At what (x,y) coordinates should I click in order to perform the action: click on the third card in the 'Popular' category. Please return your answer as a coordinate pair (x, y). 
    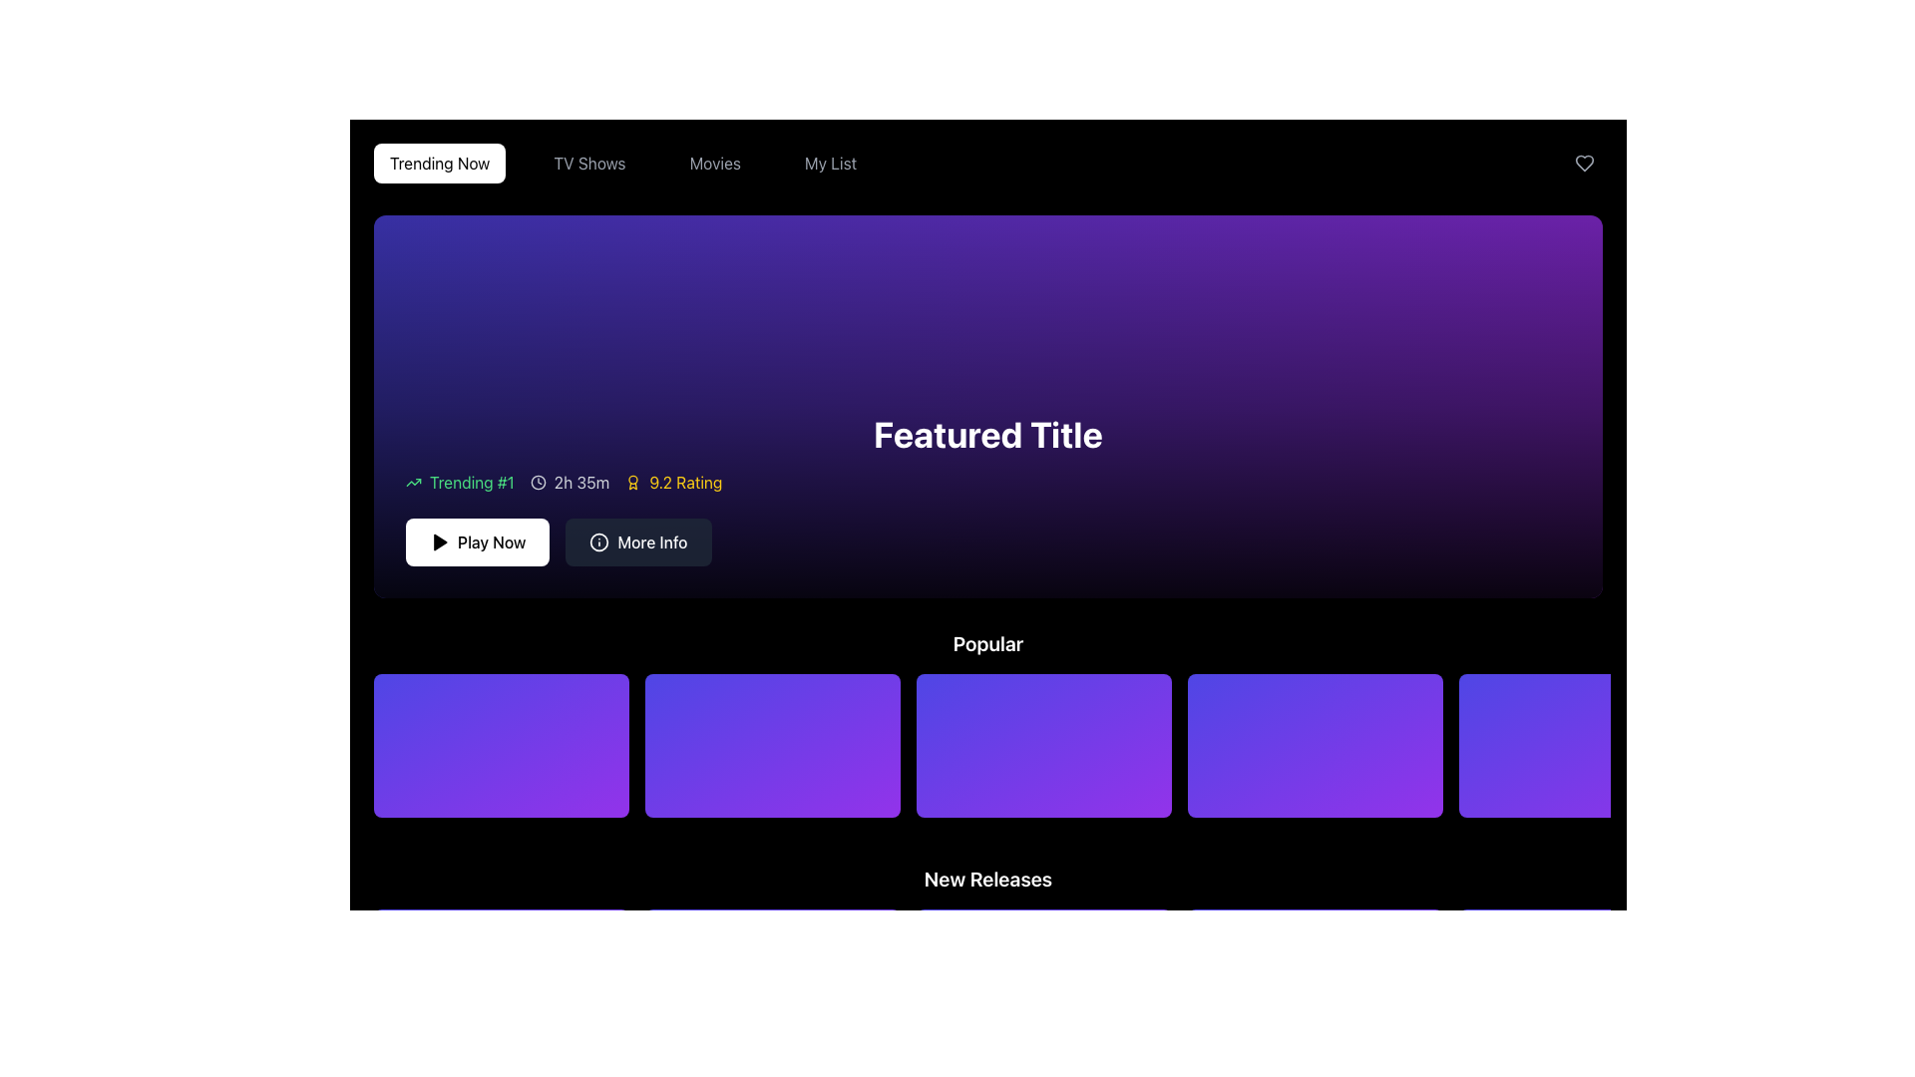
    Looking at the image, I should click on (1042, 746).